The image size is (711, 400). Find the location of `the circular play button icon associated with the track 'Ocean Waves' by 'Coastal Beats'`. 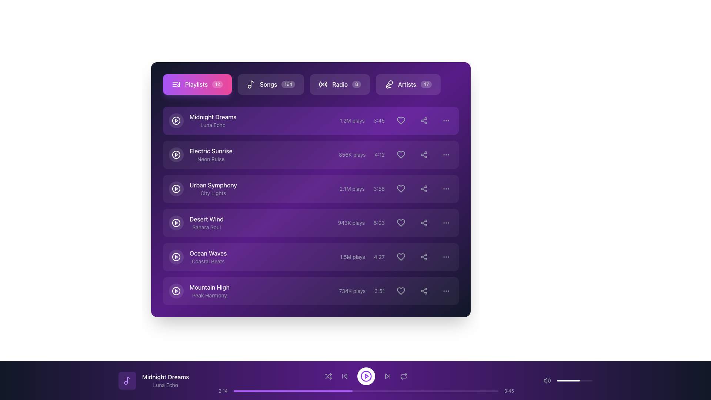

the circular play button icon associated with the track 'Ocean Waves' by 'Coastal Beats' is located at coordinates (176, 257).